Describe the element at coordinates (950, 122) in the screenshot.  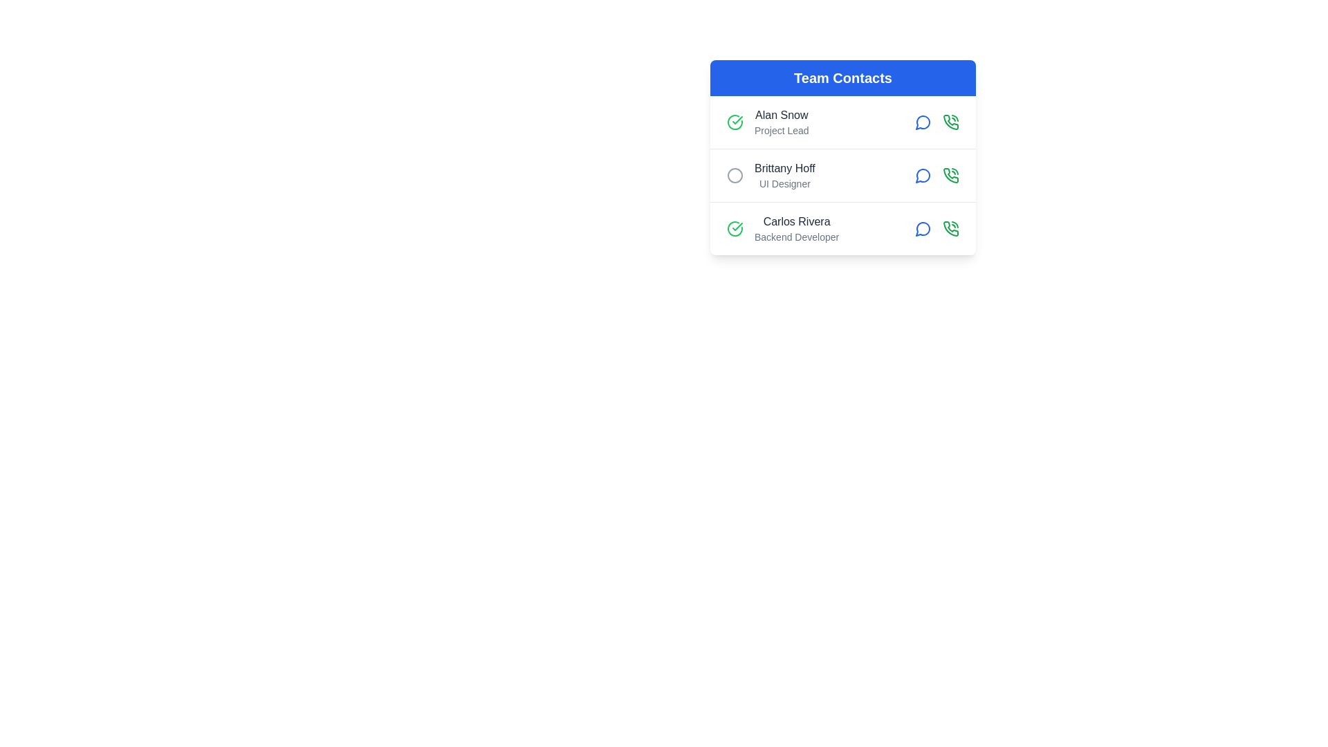
I see `the call icon for Alan Snow` at that location.